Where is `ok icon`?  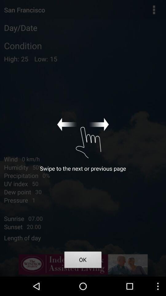 ok icon is located at coordinates (83, 260).